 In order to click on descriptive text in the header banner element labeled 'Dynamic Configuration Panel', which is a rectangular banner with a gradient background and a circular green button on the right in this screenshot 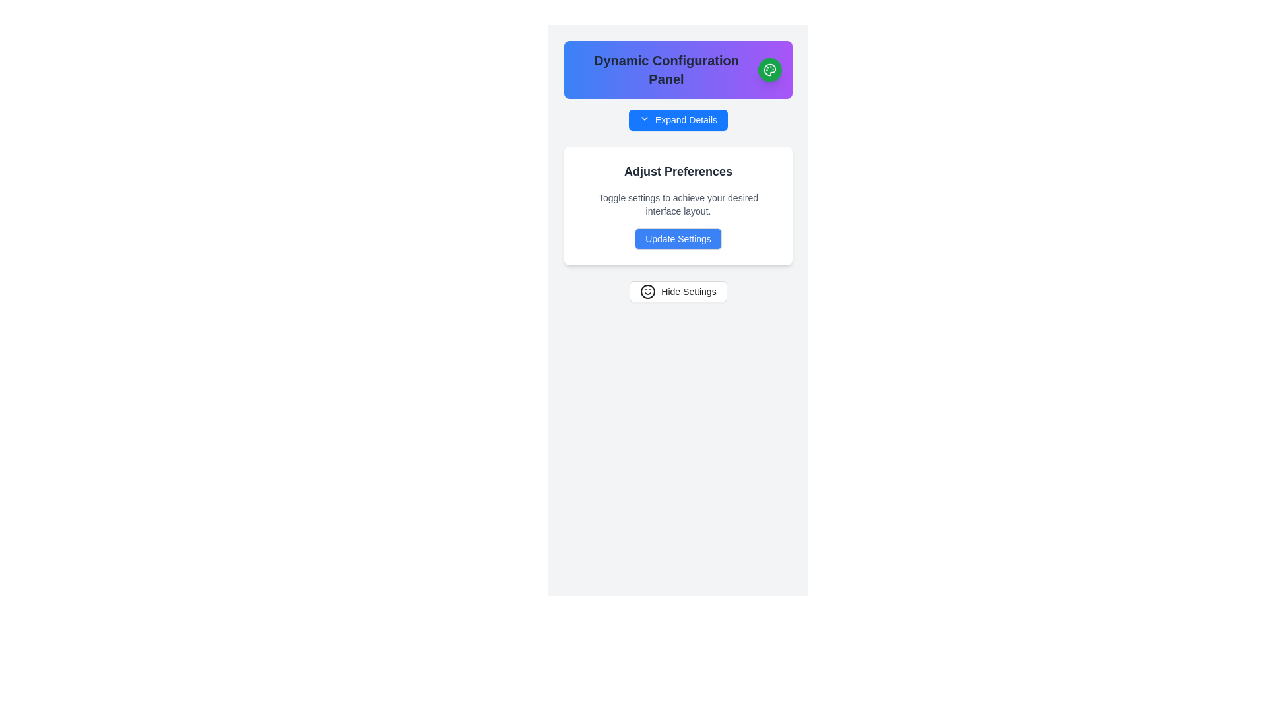, I will do `click(678, 69)`.